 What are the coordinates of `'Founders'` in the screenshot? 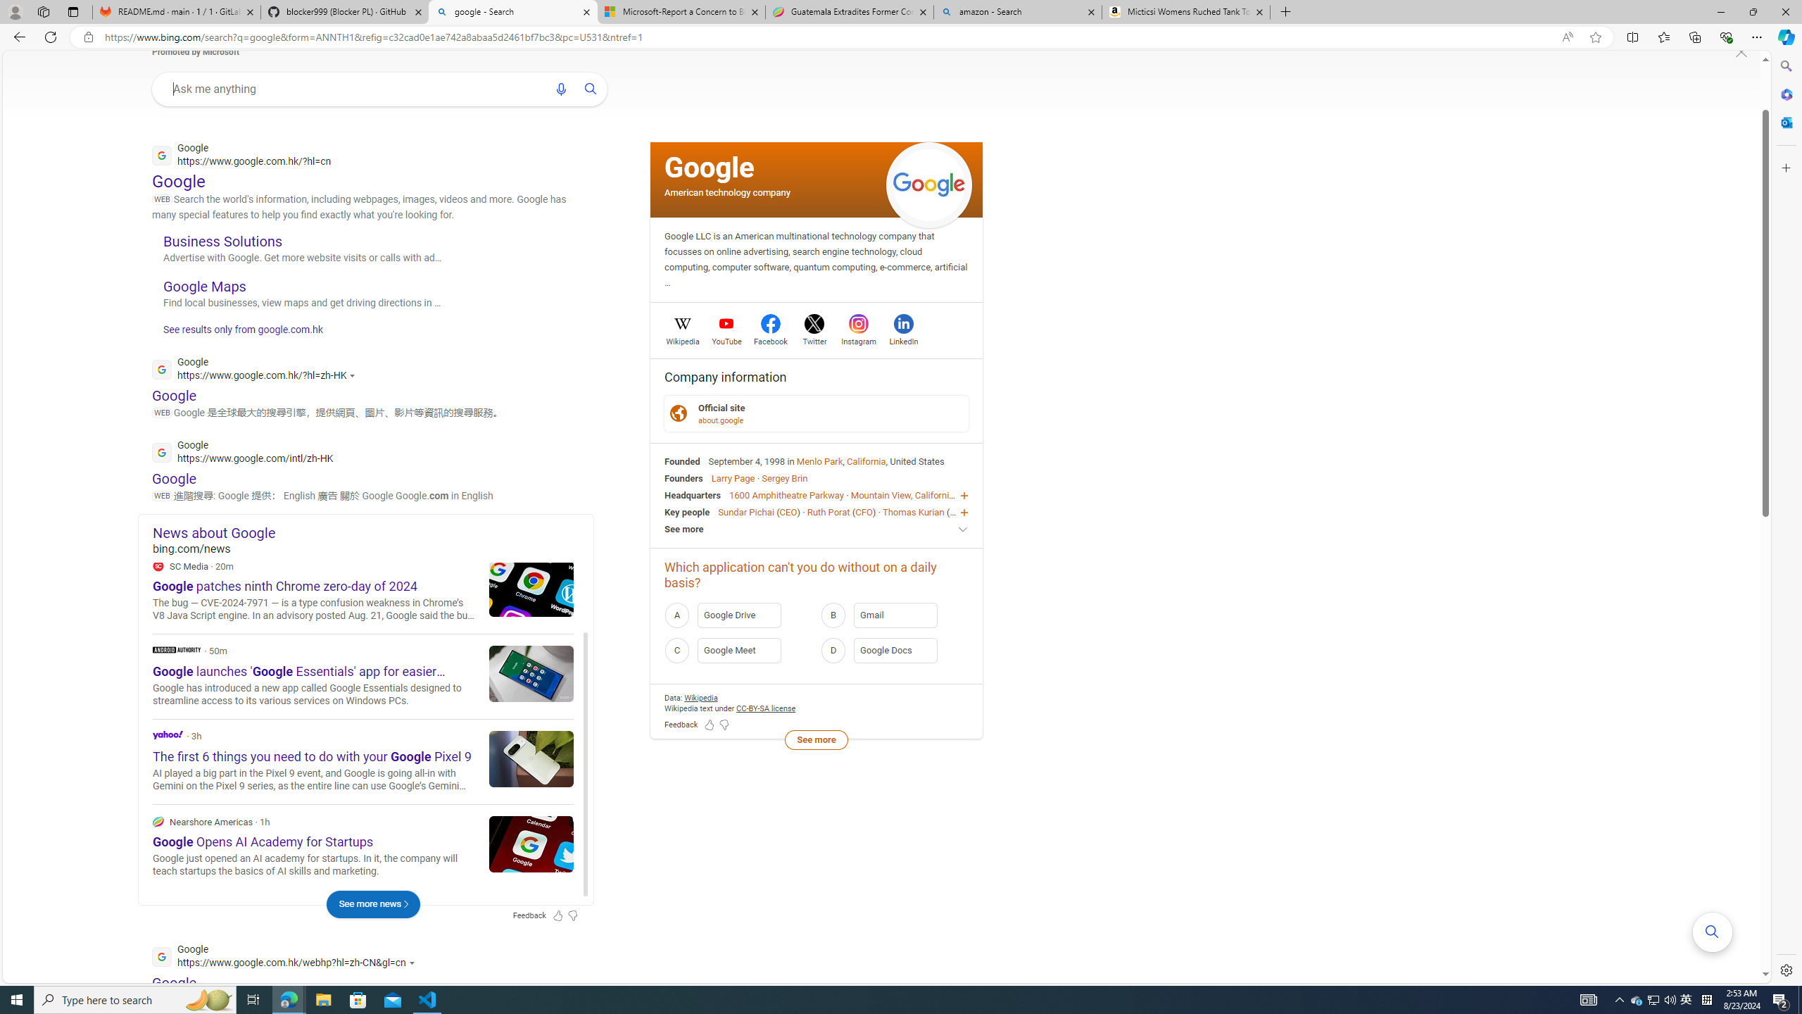 It's located at (683, 477).